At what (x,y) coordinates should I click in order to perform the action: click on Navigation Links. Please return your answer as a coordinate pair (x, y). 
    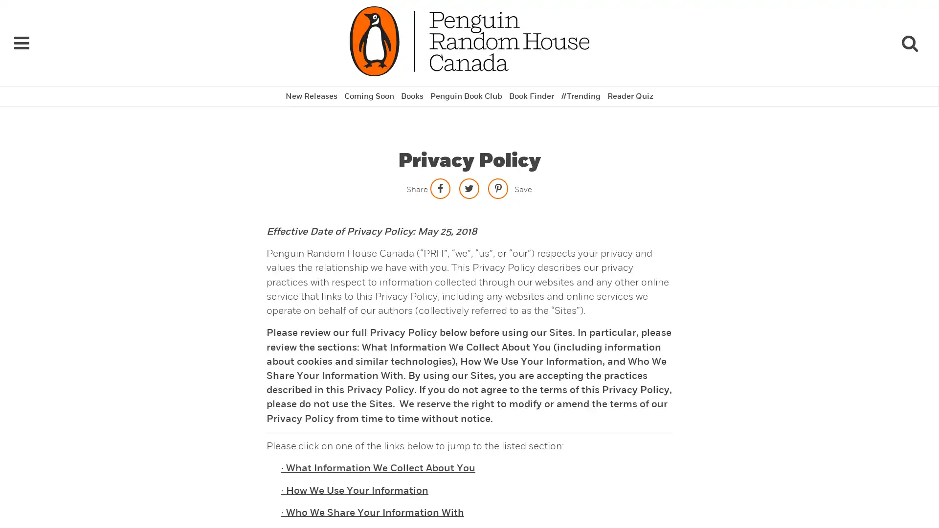
    Looking at the image, I should click on (21, 26).